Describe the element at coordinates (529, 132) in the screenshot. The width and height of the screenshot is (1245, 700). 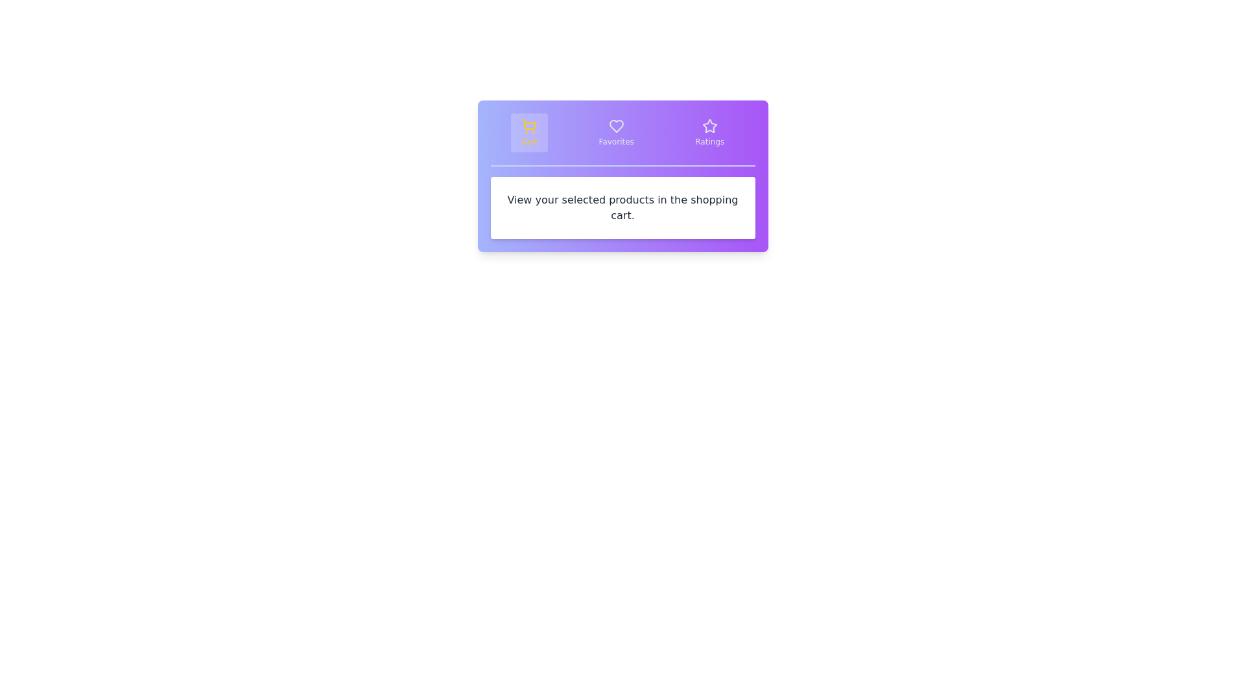
I see `the shopping cart button located at the top-left corner of the section` at that location.